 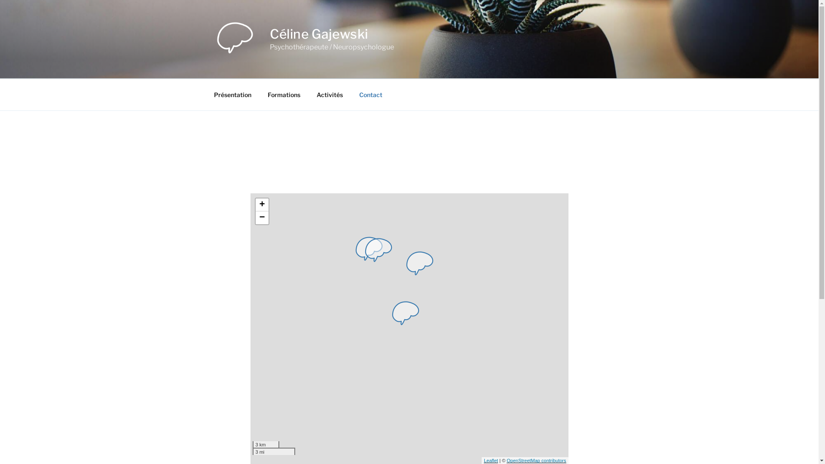 I want to click on 'Leaflet', so click(x=491, y=460).